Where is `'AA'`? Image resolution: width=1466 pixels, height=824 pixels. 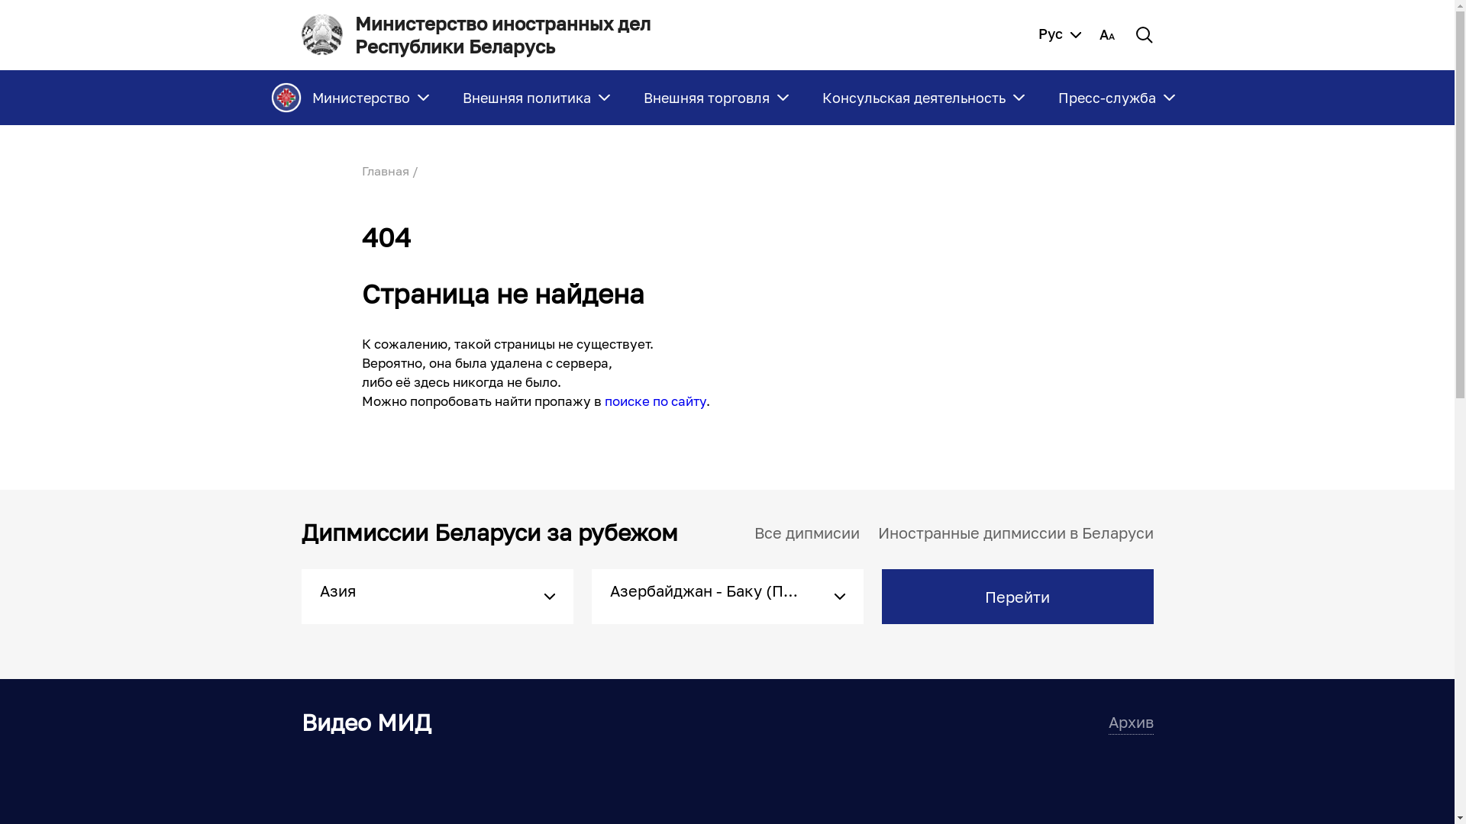
'AA' is located at coordinates (1099, 34).